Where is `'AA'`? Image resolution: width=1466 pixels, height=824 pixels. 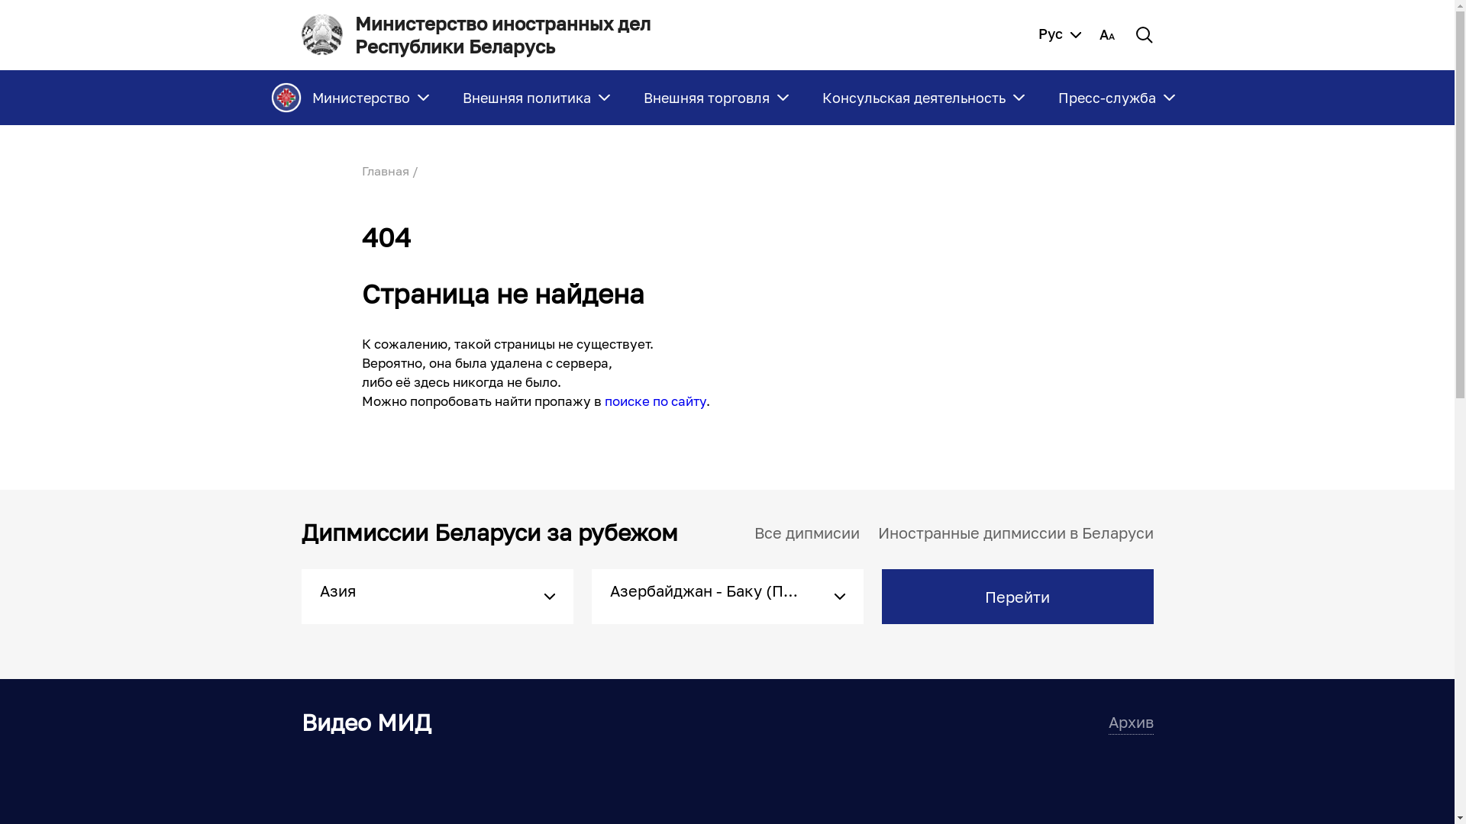
'AA' is located at coordinates (1099, 34).